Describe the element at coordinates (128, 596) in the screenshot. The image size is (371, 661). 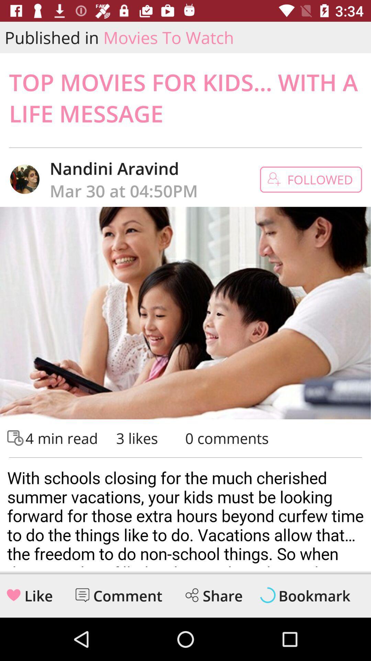
I see `comment` at that location.